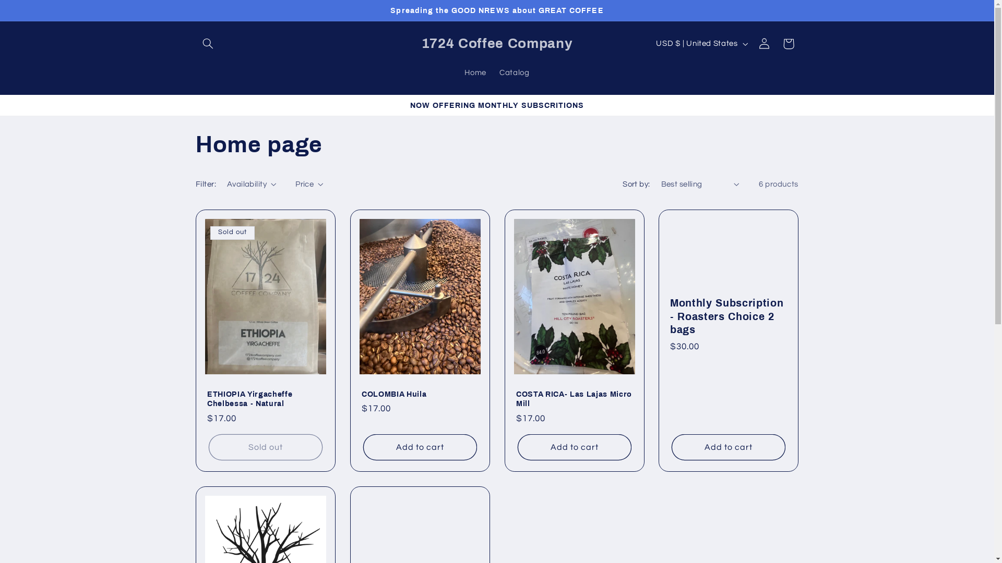 This screenshot has height=563, width=1002. I want to click on 'Add to cart', so click(671, 447).